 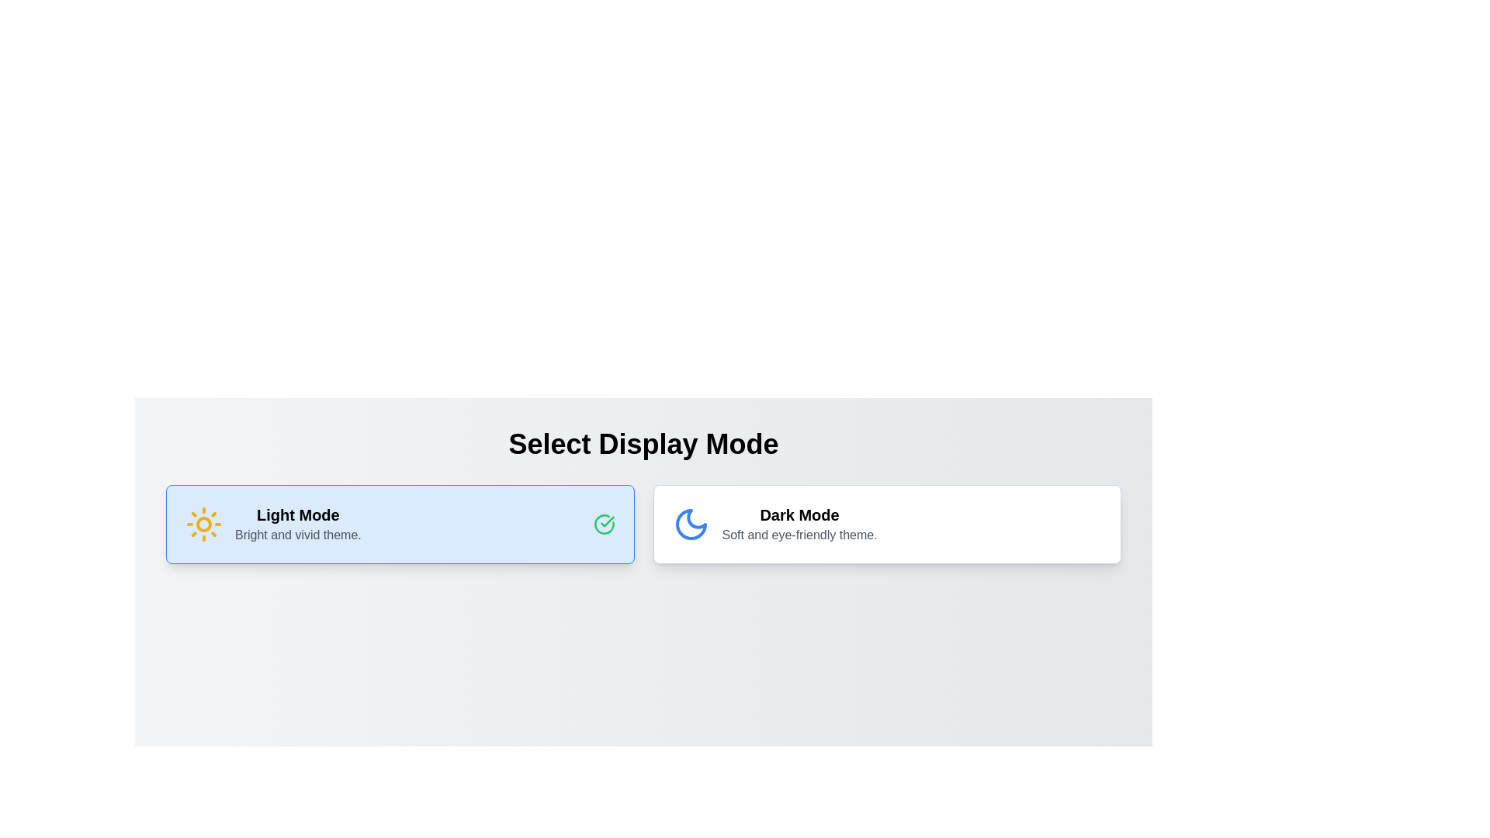 I want to click on the blue moon icon with a curved crescent shape located in the 'Dark Mode' card under 'Select Display Mode.', so click(x=690, y=524).